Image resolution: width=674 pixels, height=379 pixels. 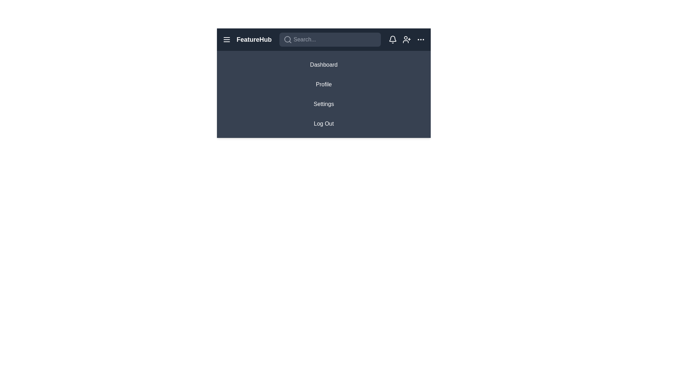 I want to click on the user icon with a plus sign to its right, located in the upper-right corner of the interface, so click(x=407, y=39).